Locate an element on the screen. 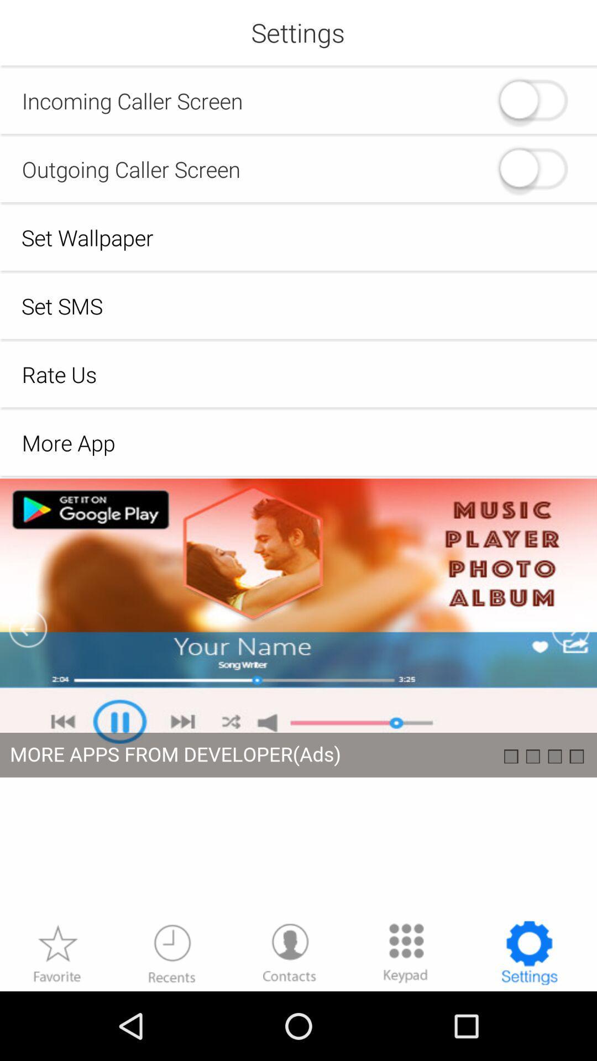 This screenshot has width=597, height=1061. recent history is located at coordinates (172, 952).